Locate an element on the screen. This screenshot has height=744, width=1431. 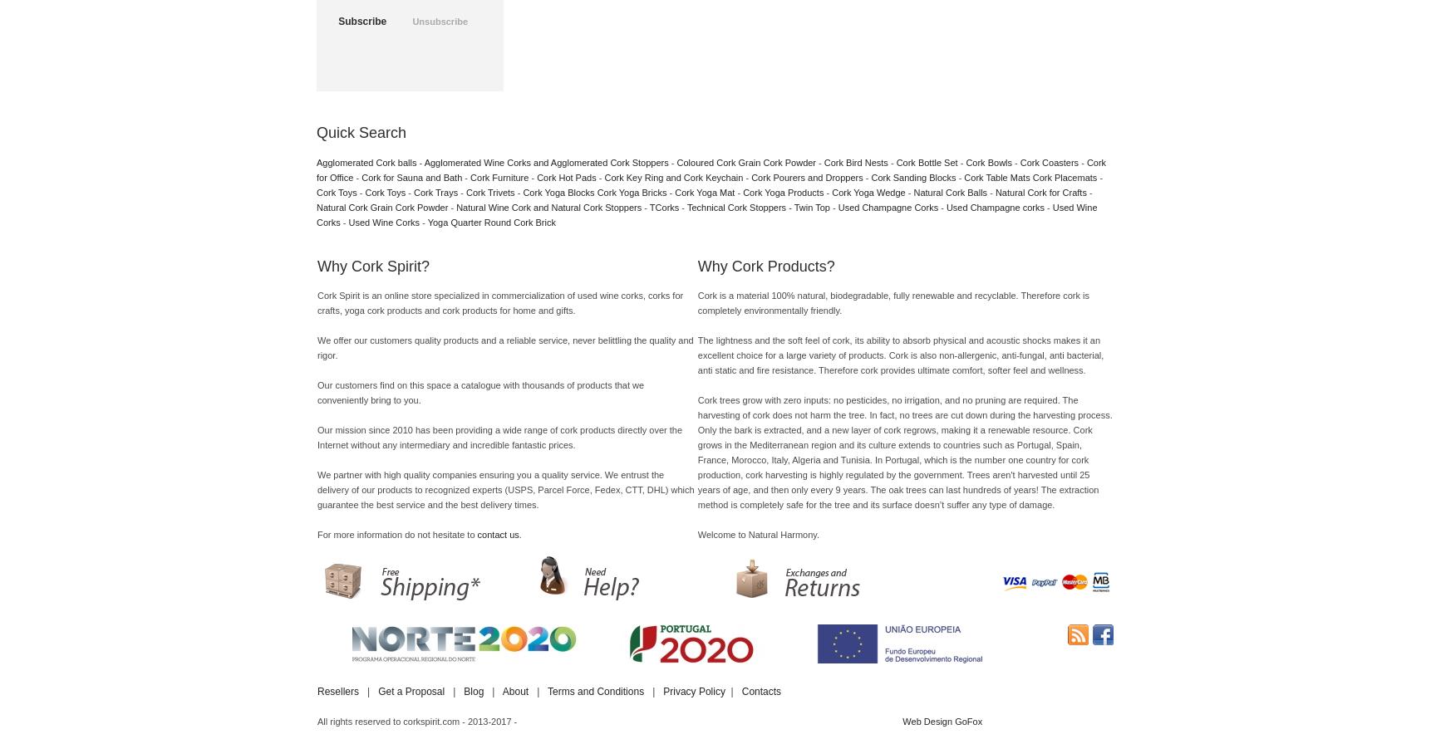
'Get a Proposal' is located at coordinates (411, 692).